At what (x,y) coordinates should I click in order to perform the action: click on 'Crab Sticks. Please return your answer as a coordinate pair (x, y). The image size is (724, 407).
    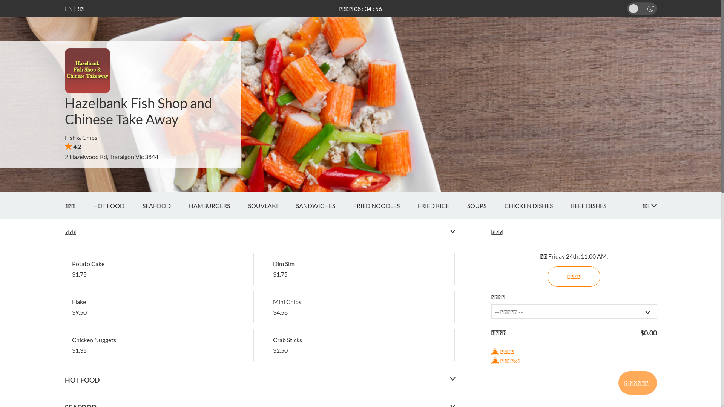
    Looking at the image, I should click on (360, 345).